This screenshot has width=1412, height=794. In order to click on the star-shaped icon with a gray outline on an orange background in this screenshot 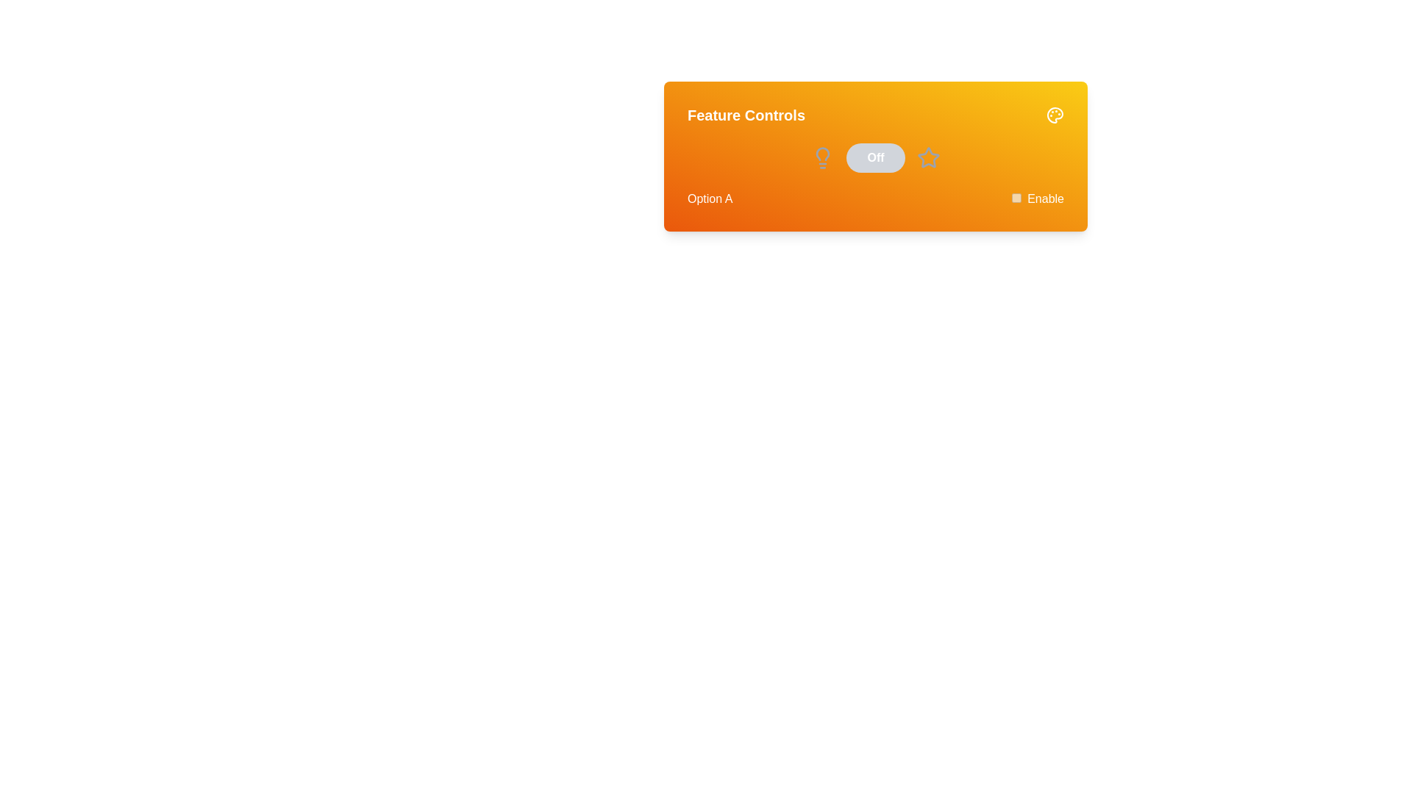, I will do `click(927, 157)`.